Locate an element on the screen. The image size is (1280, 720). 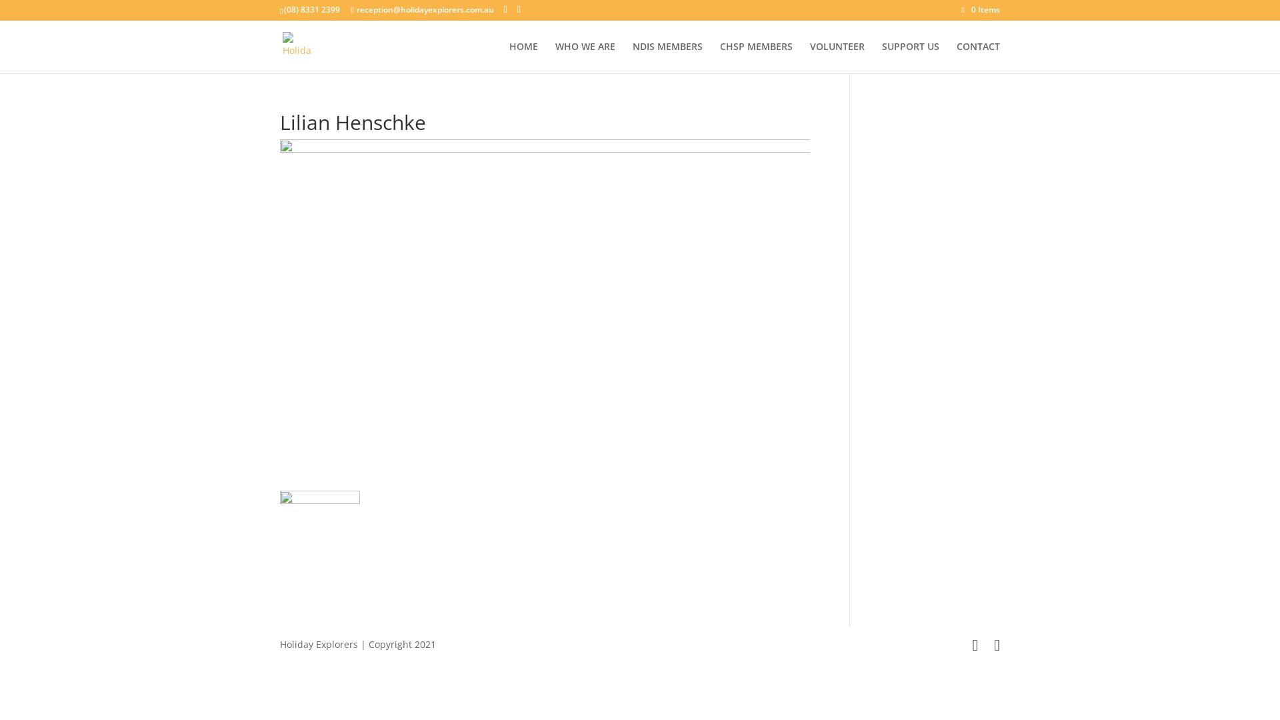
'SUPPORT US' is located at coordinates (910, 57).